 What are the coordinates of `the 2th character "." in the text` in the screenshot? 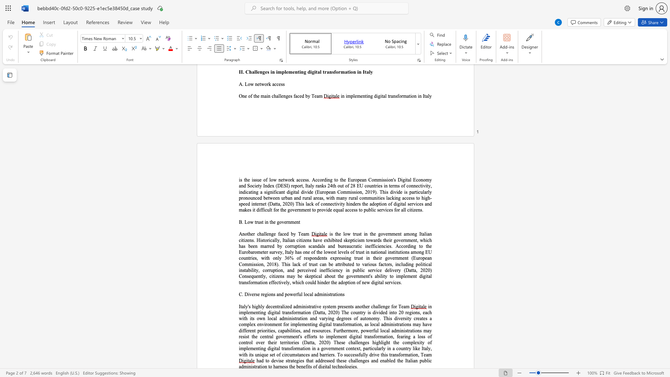 It's located at (278, 264).